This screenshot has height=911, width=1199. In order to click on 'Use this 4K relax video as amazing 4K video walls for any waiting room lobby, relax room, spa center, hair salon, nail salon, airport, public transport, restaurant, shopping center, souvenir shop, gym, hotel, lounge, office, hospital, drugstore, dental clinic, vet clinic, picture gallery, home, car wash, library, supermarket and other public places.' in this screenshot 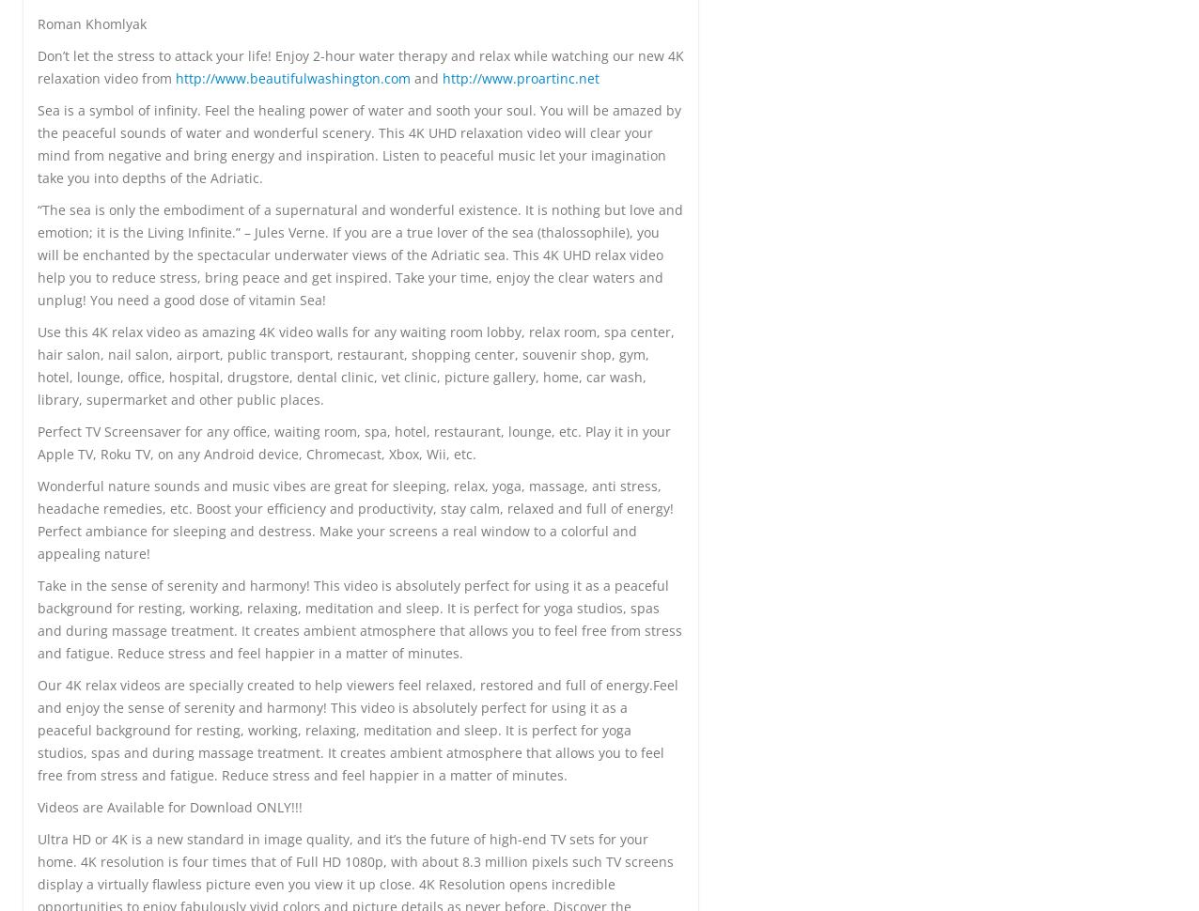, I will do `click(354, 364)`.